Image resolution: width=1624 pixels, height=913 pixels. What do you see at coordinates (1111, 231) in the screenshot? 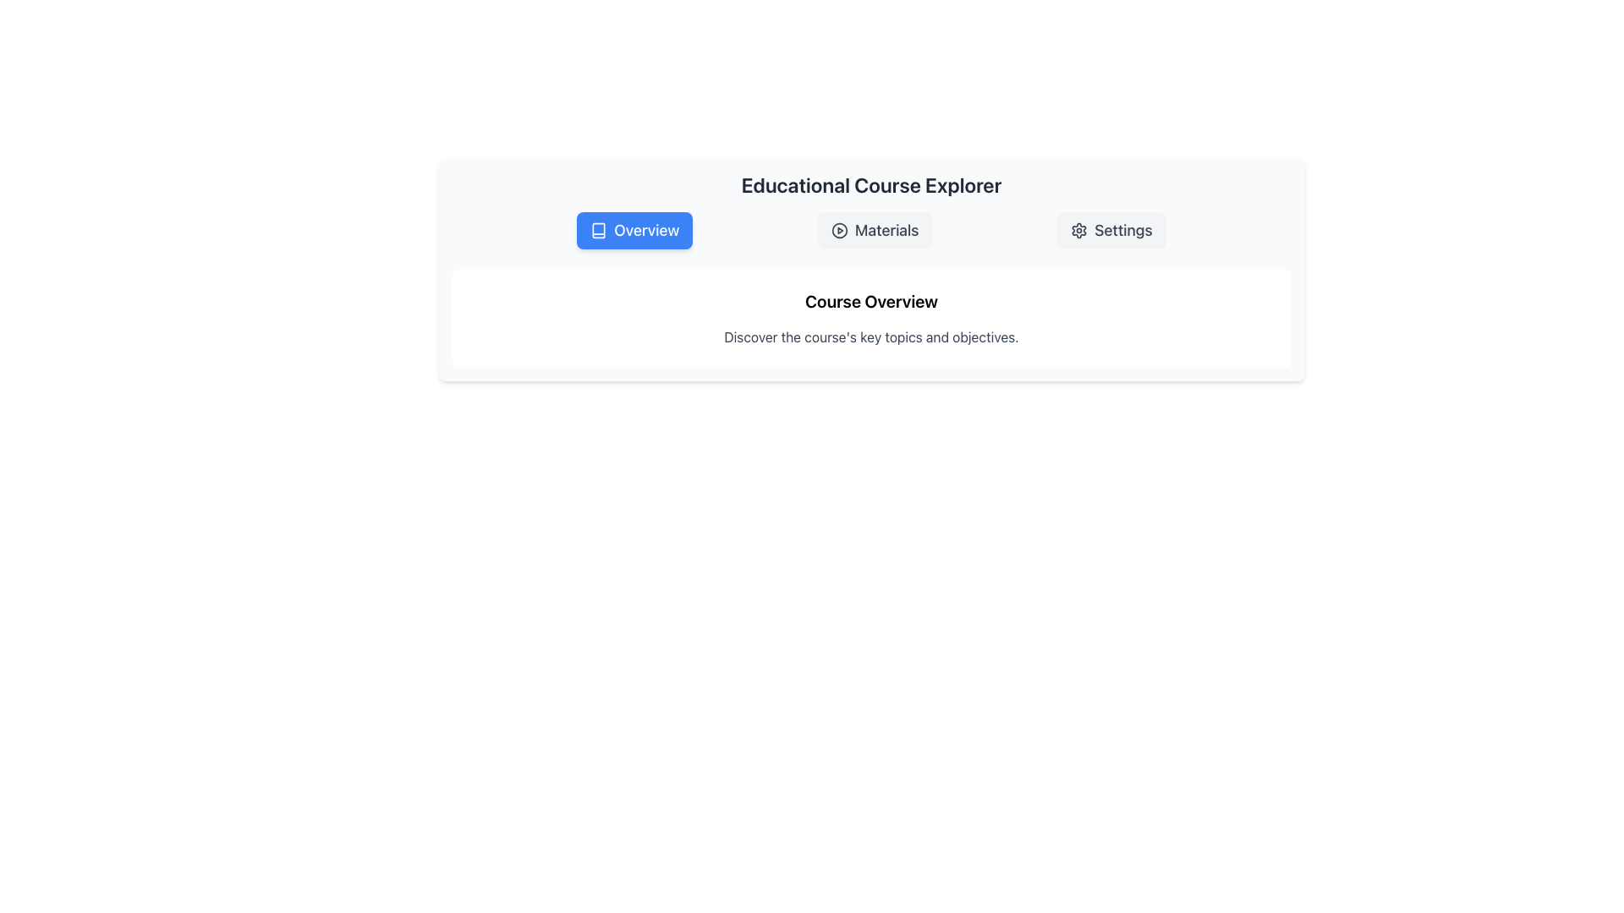
I see `the settings button located in the rightmost position of three buttons in the horizontal navigation section titled 'Educational Course Explorer'` at bounding box center [1111, 231].